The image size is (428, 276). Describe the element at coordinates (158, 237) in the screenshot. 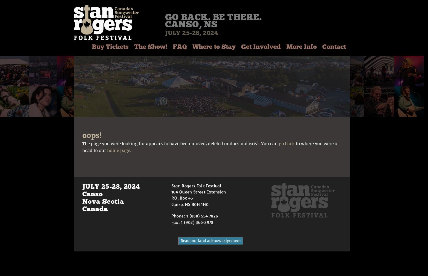

I see `'Subscribe & stay up-to-date on the latest and greatest at StanRogersFest!'` at that location.